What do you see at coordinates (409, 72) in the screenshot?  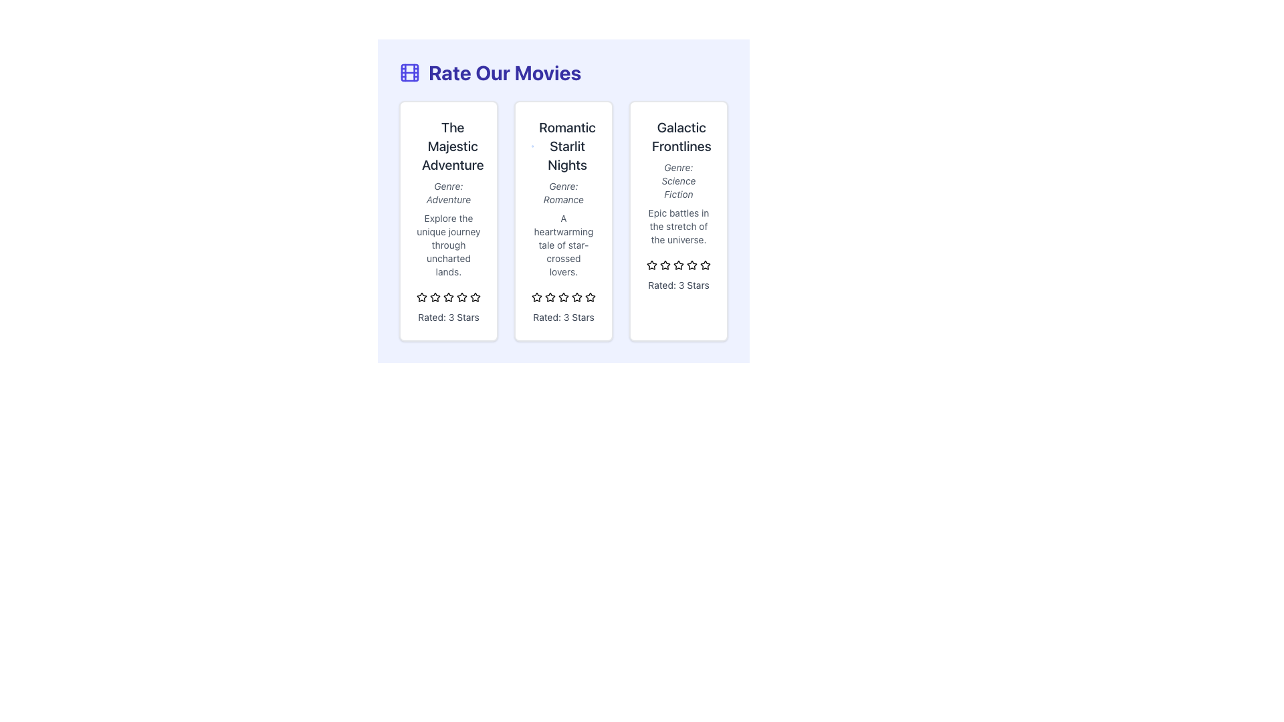 I see `the ornamental icon located to the left of the 'Rate Our Movies' text in the header section` at bounding box center [409, 72].